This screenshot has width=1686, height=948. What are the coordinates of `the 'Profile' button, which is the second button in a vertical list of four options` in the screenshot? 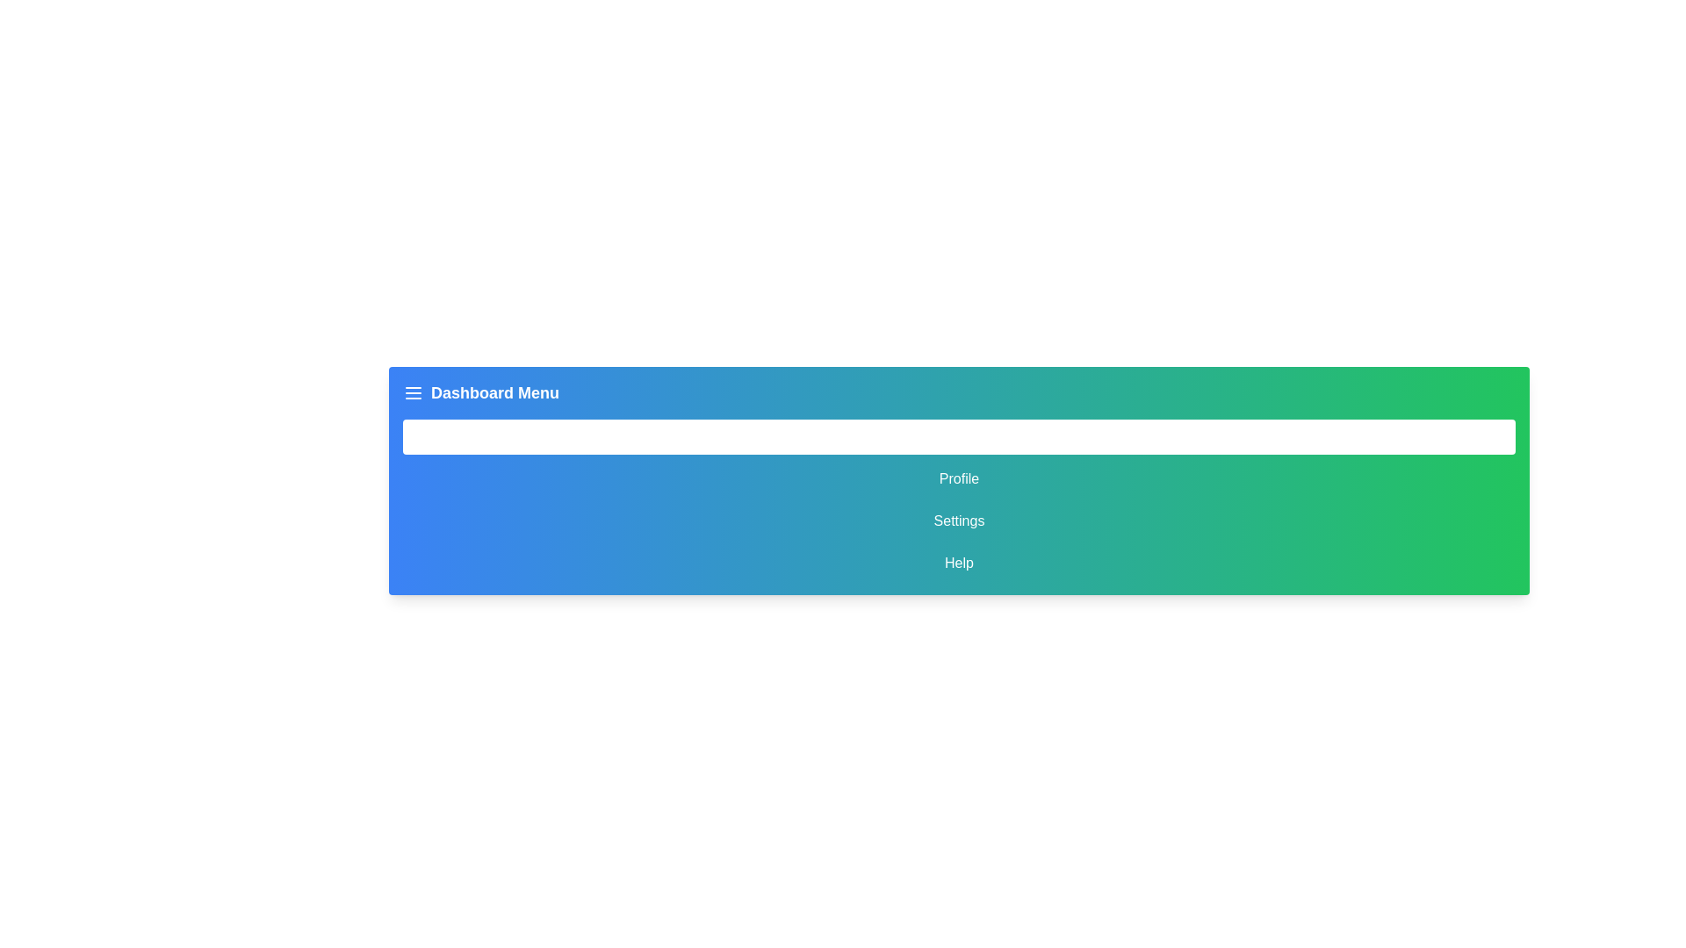 It's located at (958, 479).